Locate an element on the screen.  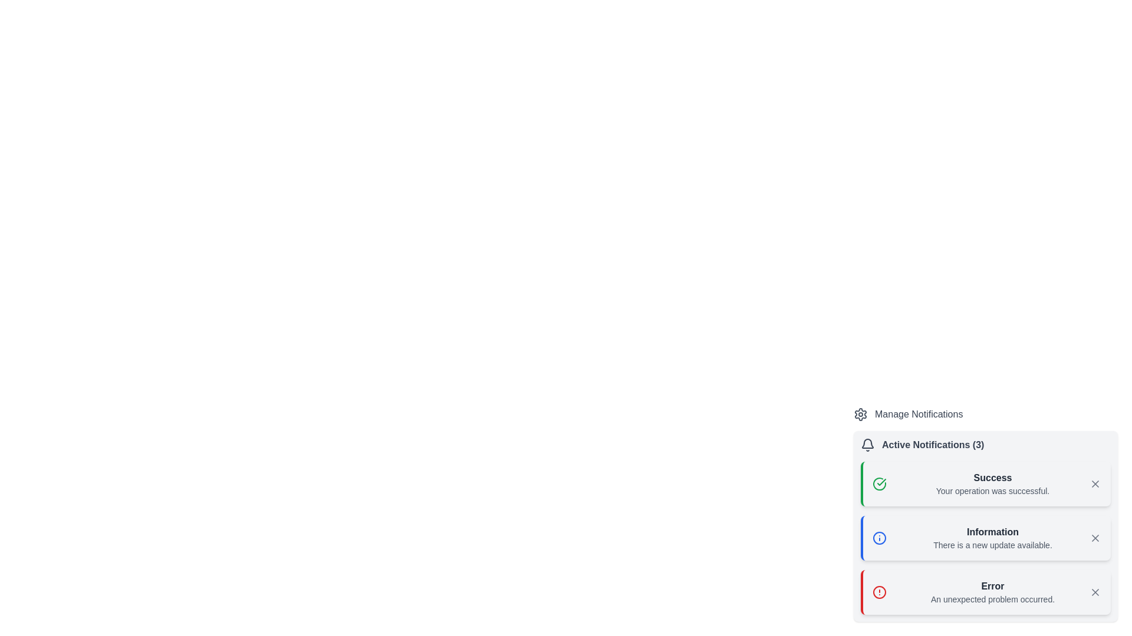
the 'Close' button Icon (SVG) is located at coordinates (1094, 483).